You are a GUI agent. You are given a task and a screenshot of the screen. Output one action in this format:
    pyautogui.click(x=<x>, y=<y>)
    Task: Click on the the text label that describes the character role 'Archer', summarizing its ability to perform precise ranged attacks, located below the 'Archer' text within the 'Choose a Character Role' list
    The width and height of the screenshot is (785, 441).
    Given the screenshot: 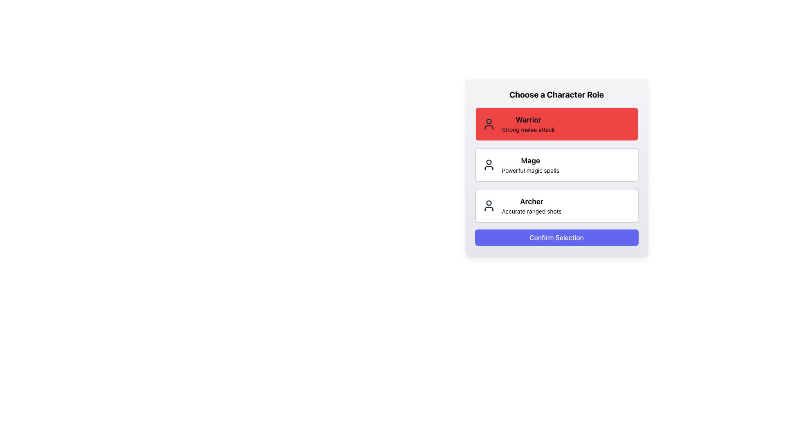 What is the action you would take?
    pyautogui.click(x=532, y=211)
    